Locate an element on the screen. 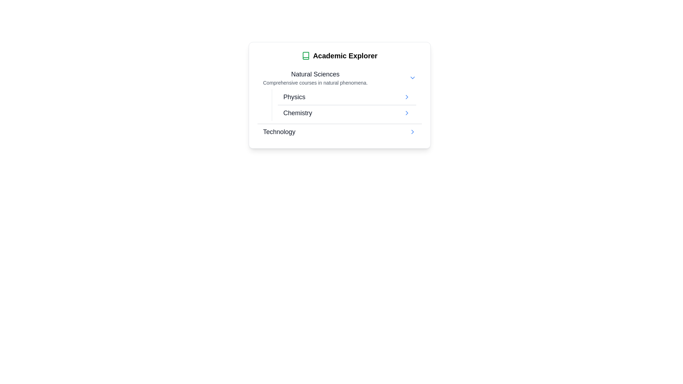  the 'Technology' menu item, which is the third item in the 'Natural Sciences' section is located at coordinates (339, 132).